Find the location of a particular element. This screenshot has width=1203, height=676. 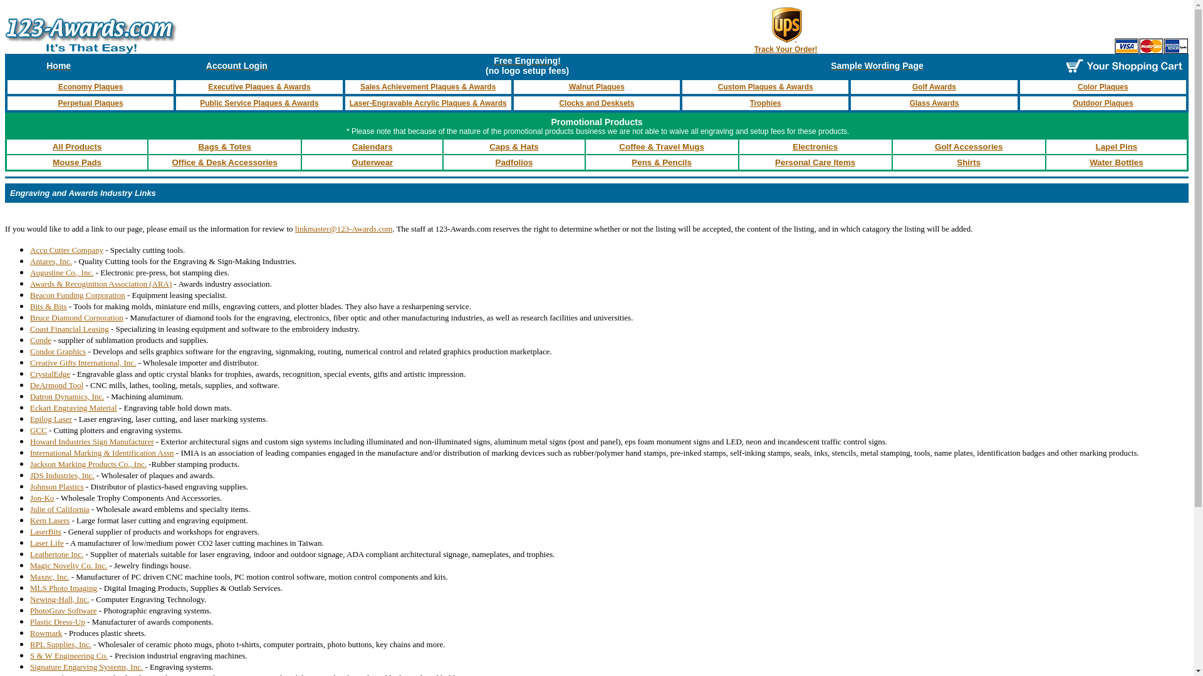

'Plastic Dress-Up' is located at coordinates (56, 622).